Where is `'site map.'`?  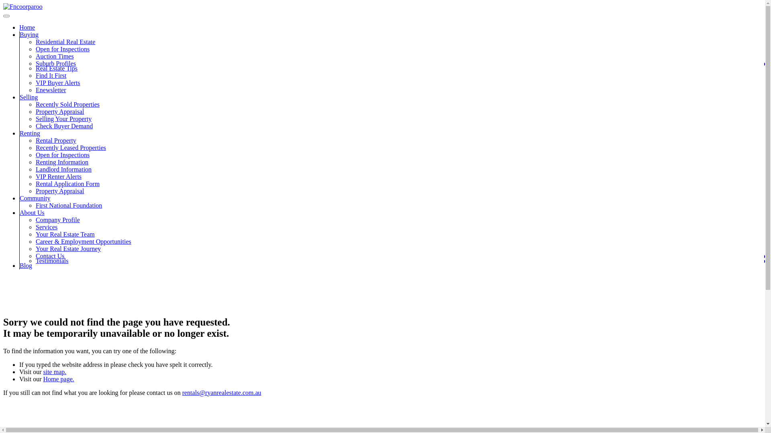
'site map.' is located at coordinates (54, 371).